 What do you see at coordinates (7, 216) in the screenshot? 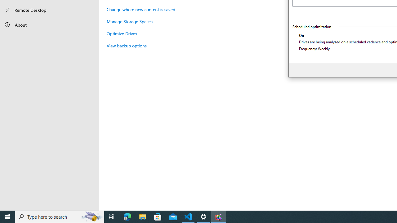
I see `'Start'` at bounding box center [7, 216].